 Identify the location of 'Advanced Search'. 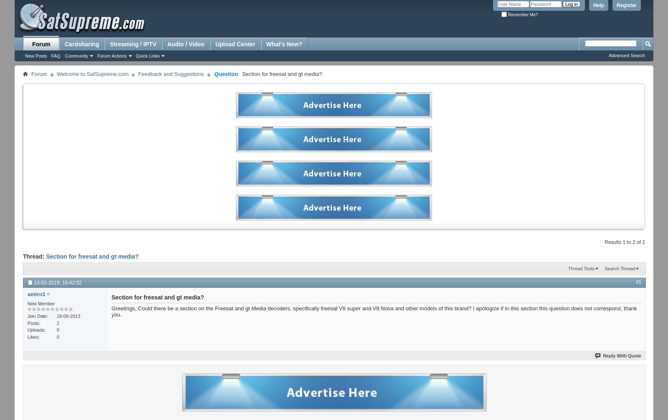
(609, 55).